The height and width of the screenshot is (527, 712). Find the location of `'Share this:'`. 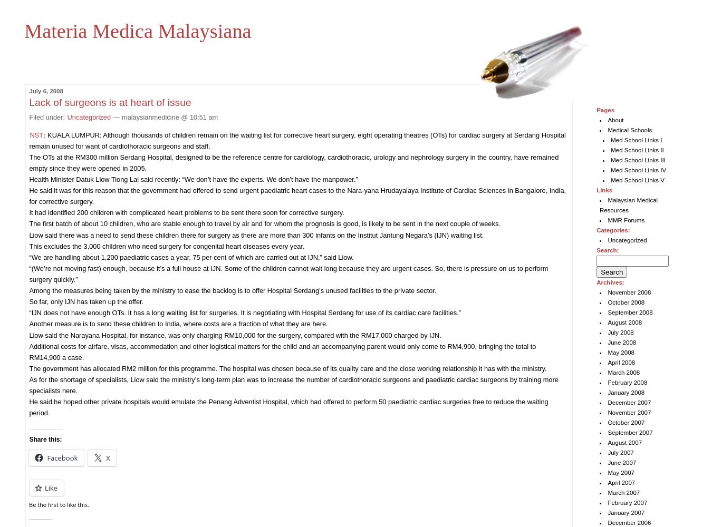

'Share this:' is located at coordinates (44, 438).